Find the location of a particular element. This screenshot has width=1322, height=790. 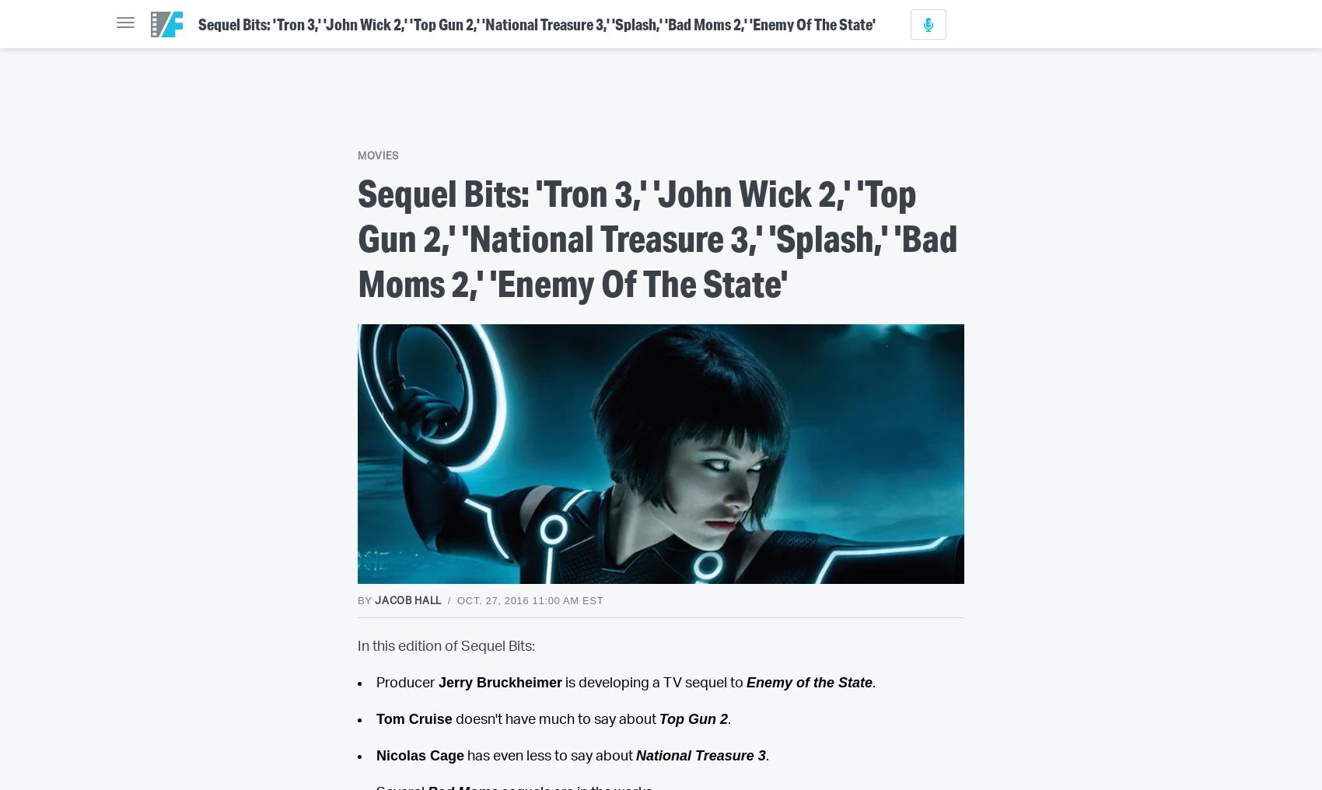

'doesn't have much to say about' is located at coordinates (555, 718).